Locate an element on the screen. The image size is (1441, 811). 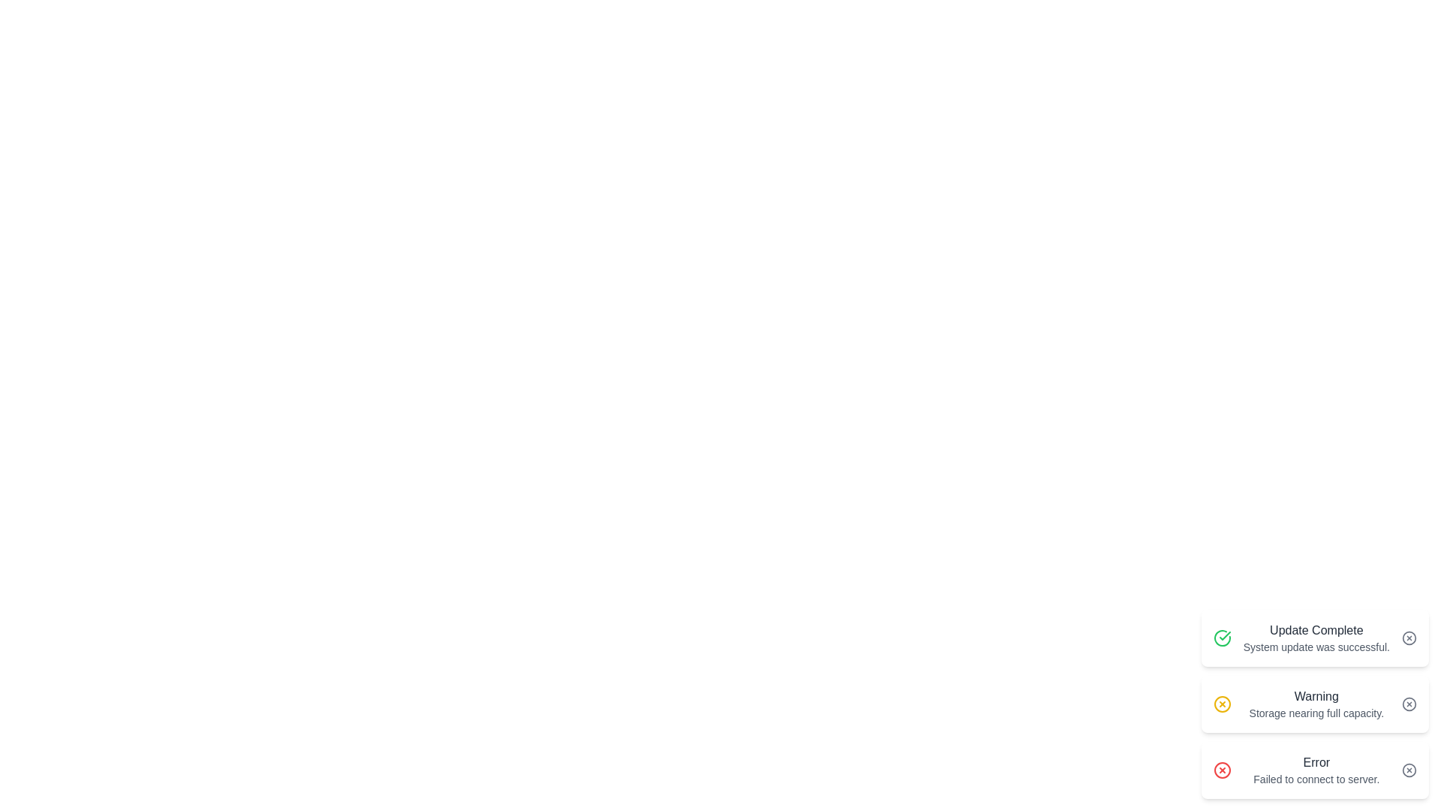
message that informs the user about the successful conclusion of the system update process, located below the 'Update Complete' text in the notification card is located at coordinates (1316, 646).